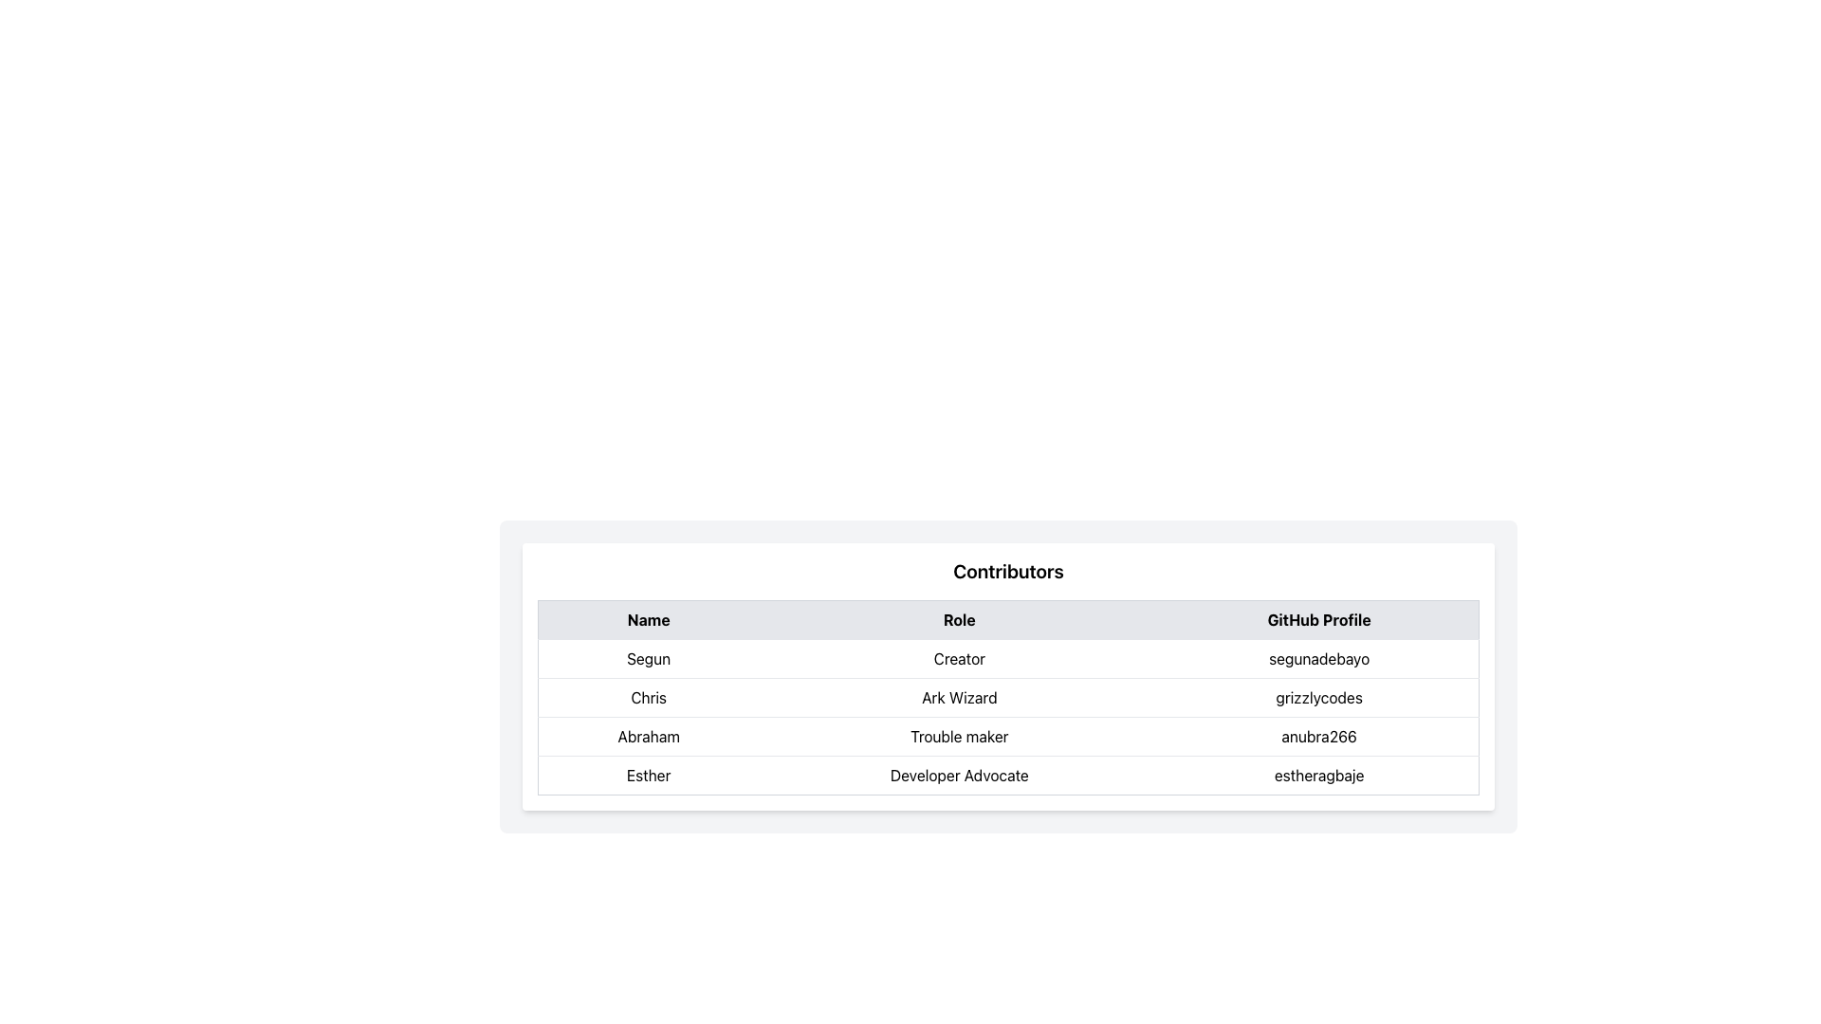  I want to click on the static text label displaying the name 'Esther', located in the fourth row of the table under the 'Name' column, so click(648, 775).